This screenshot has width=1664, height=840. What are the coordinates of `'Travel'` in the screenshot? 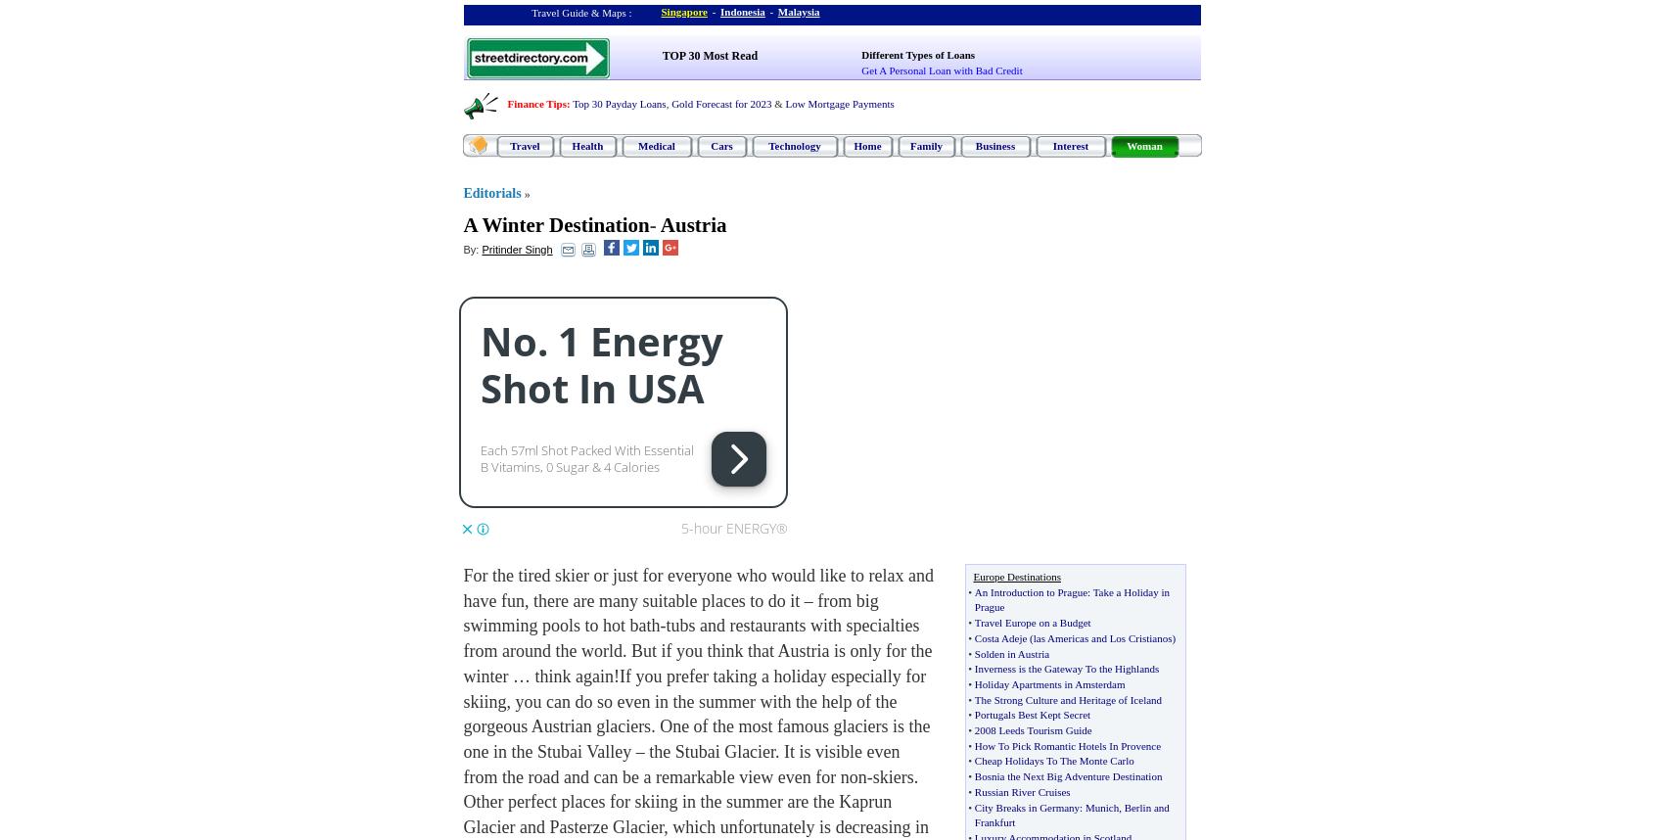 It's located at (524, 145).